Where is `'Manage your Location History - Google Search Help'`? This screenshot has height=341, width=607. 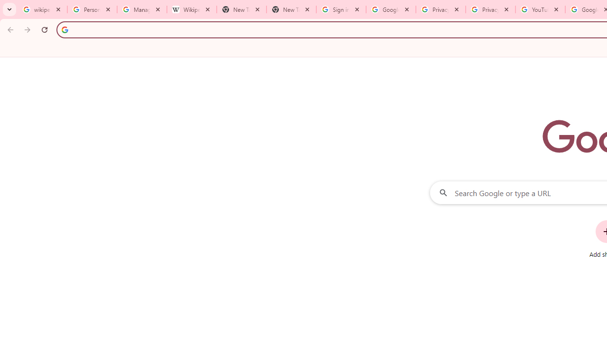 'Manage your Location History - Google Search Help' is located at coordinates (141, 9).